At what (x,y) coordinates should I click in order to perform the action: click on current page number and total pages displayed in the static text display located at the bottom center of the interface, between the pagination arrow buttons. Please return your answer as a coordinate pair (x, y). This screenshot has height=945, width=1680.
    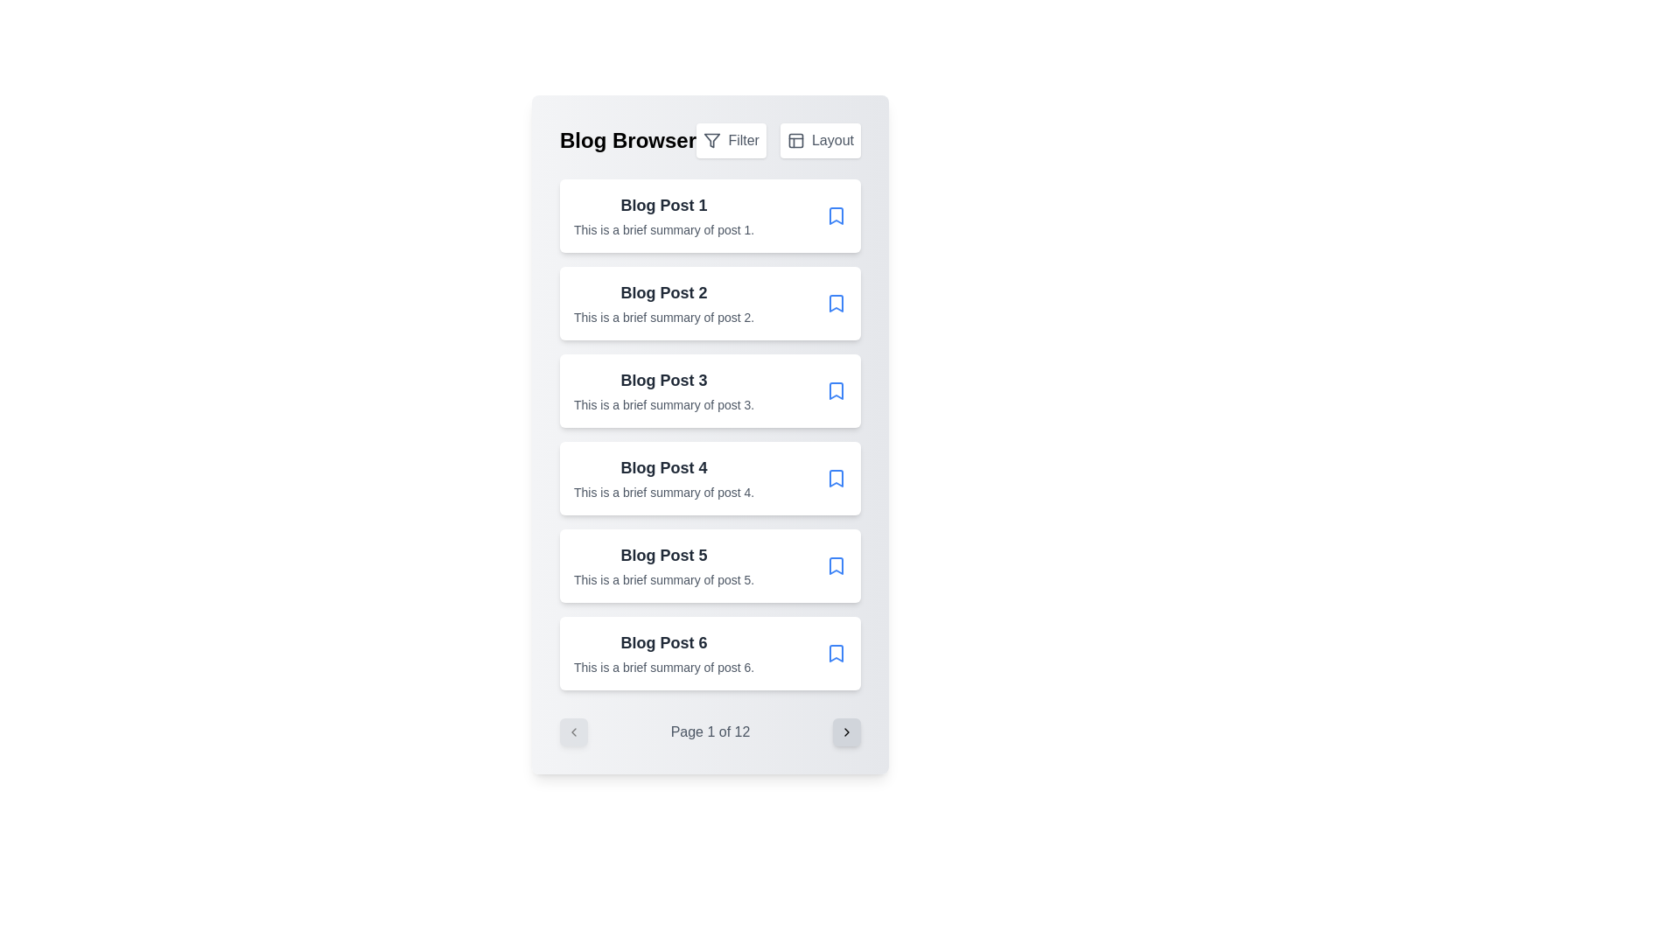
    Looking at the image, I should click on (710, 732).